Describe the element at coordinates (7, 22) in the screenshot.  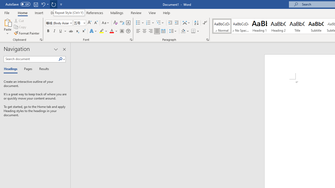
I see `'Paste'` at that location.